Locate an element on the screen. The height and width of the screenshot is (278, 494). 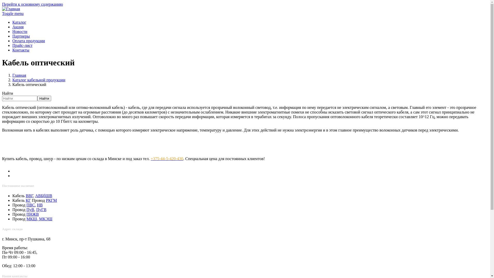
'+375-44-5-420-430' is located at coordinates (167, 158).